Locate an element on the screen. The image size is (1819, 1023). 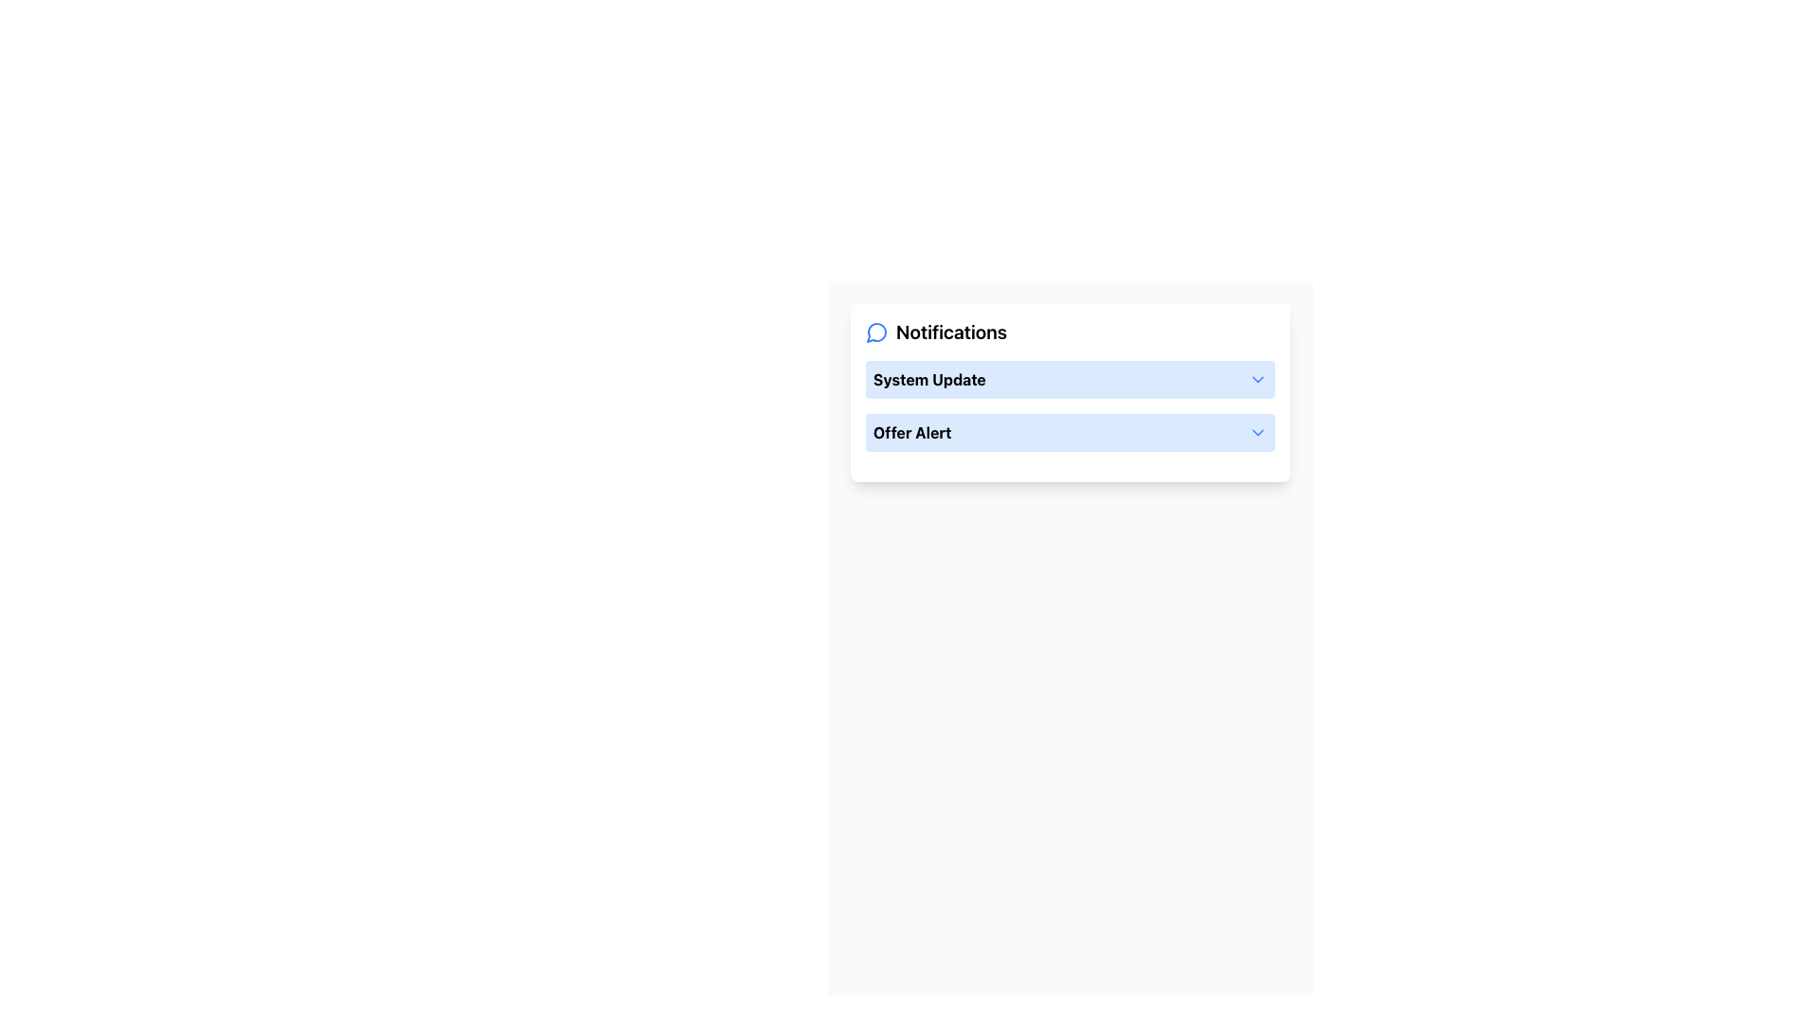
the small blue downward-pointing chevron arrow next to the 'Offer Alert' text is located at coordinates (1258, 432).